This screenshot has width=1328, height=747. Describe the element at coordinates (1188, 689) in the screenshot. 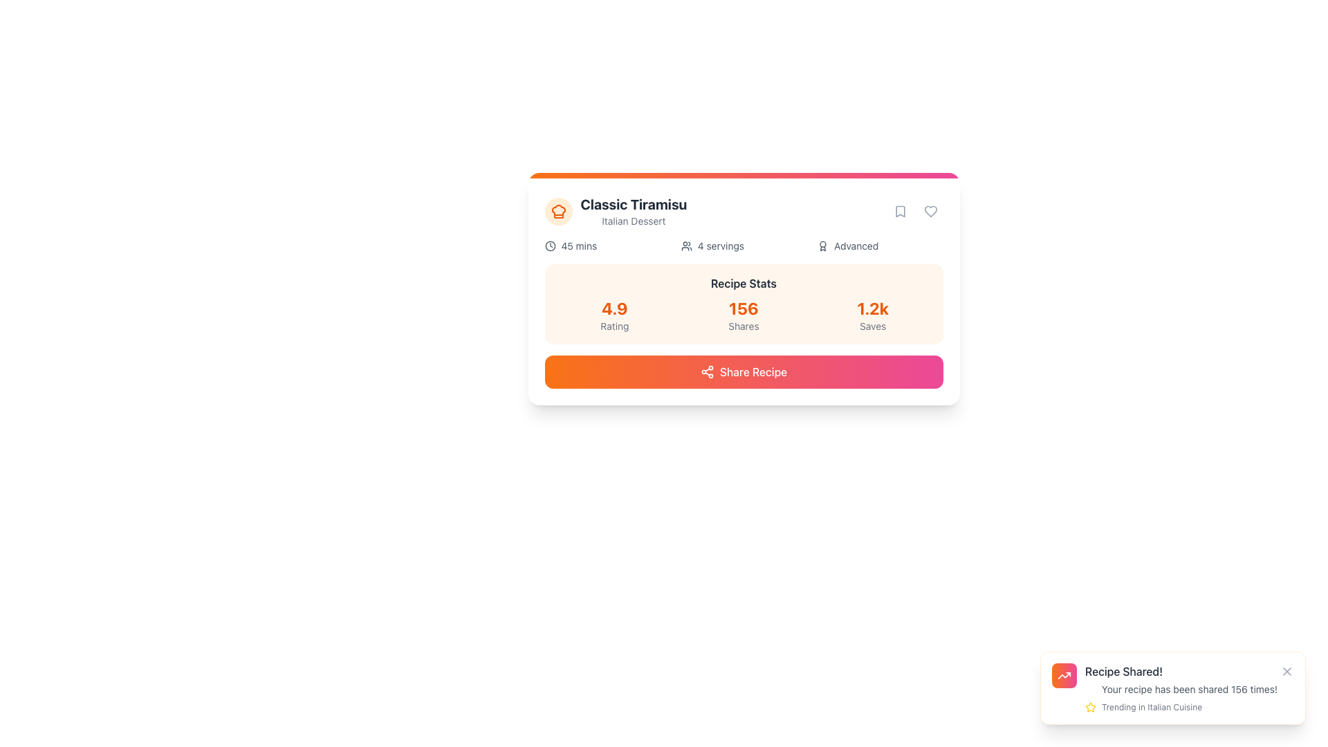

I see `the static text element that displays the number of times the recipe has been shared, located in the lower portion of the notification pop-up beneath the heading 'Recipe Shared!'` at that location.